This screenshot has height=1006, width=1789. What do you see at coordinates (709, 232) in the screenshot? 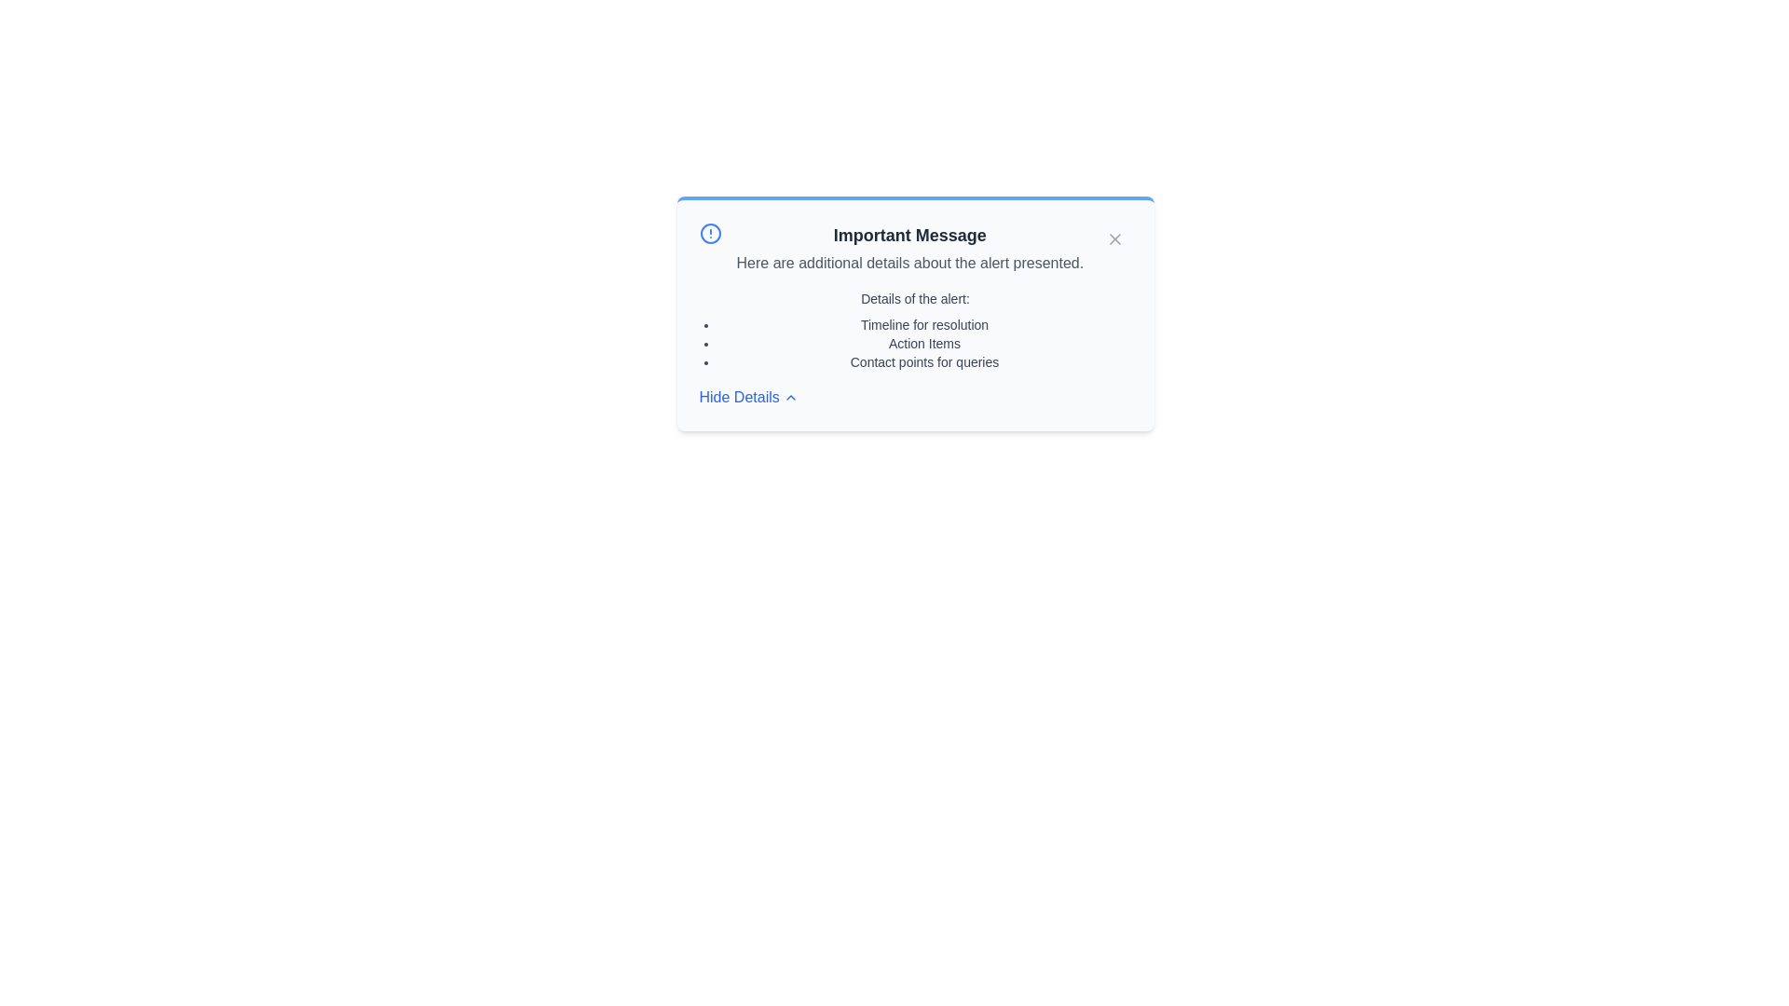
I see `the circular element with a blue border and white fill, located in the alert icon at the top-left corner of the alert message` at bounding box center [709, 232].